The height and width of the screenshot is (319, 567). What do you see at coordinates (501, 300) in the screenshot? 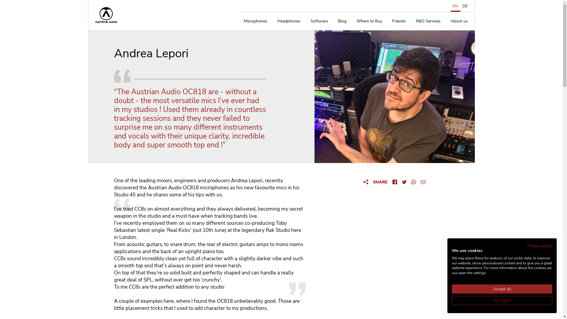
I see `'No, adjust'` at bounding box center [501, 300].